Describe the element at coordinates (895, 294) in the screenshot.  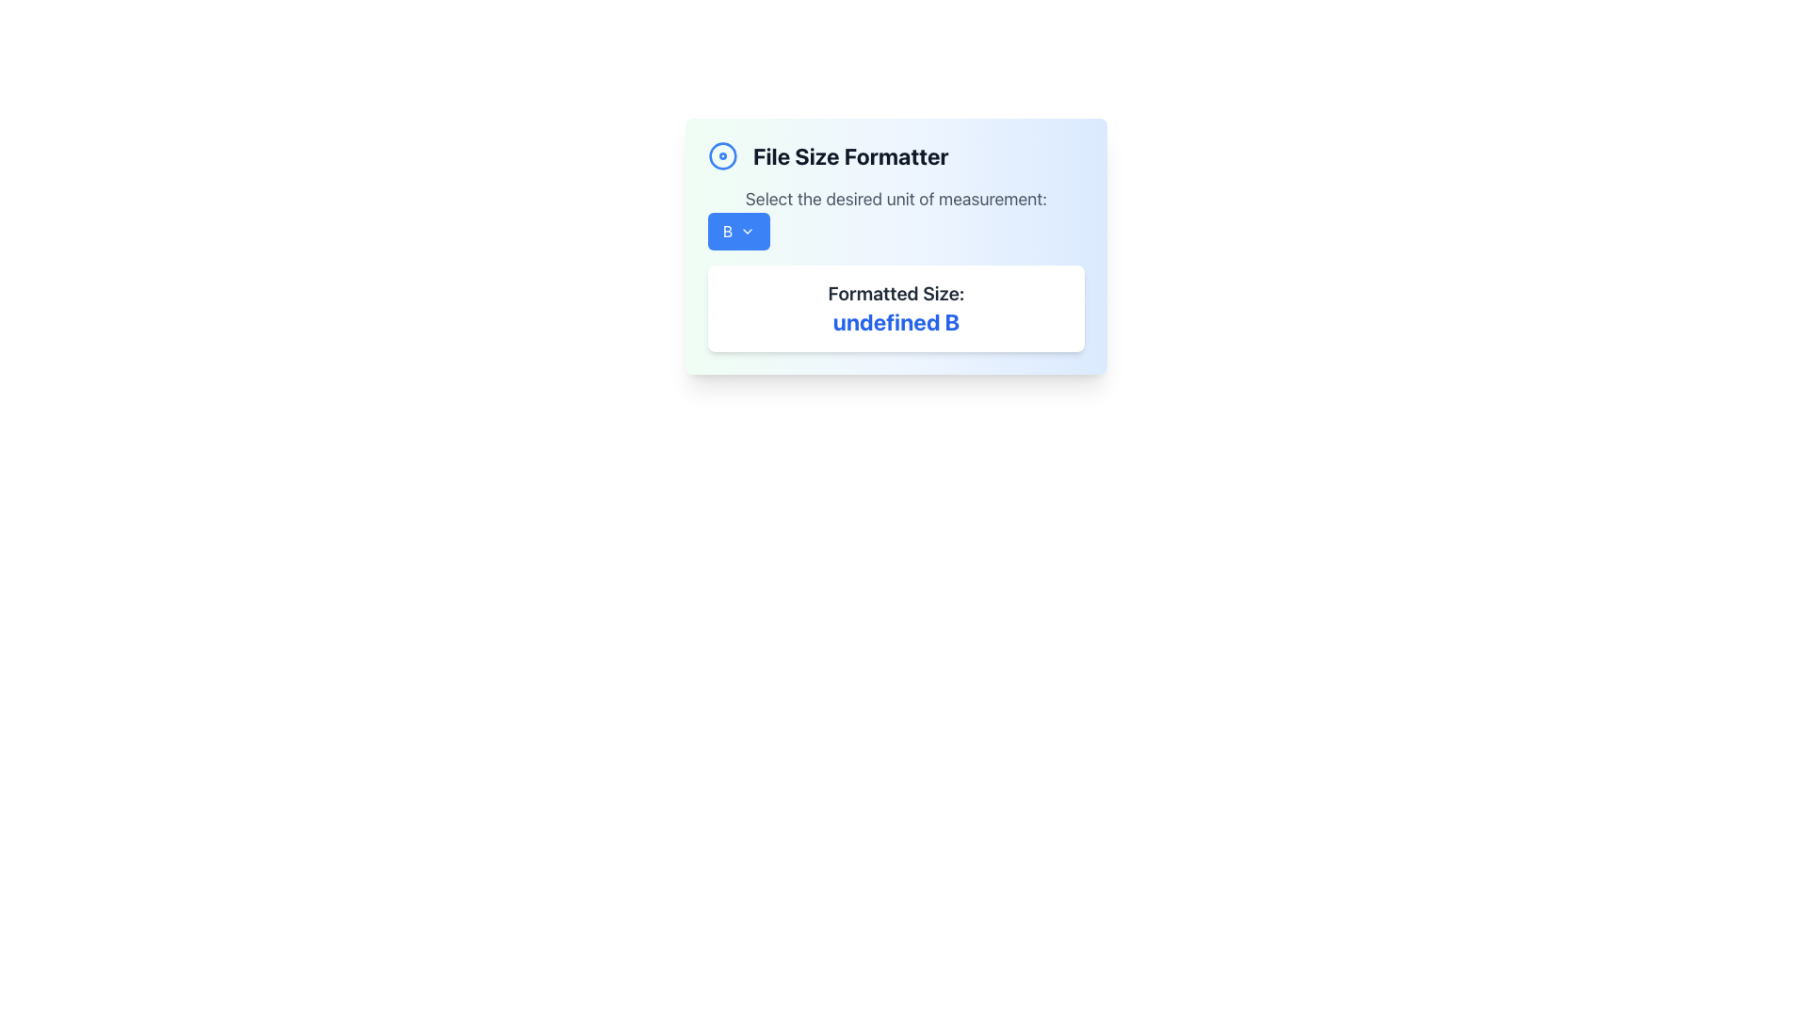
I see `the text label indicating the field or section associated with the formatted size information, which is located within a white, rounded rectangular box at the lower section of the interface` at that location.